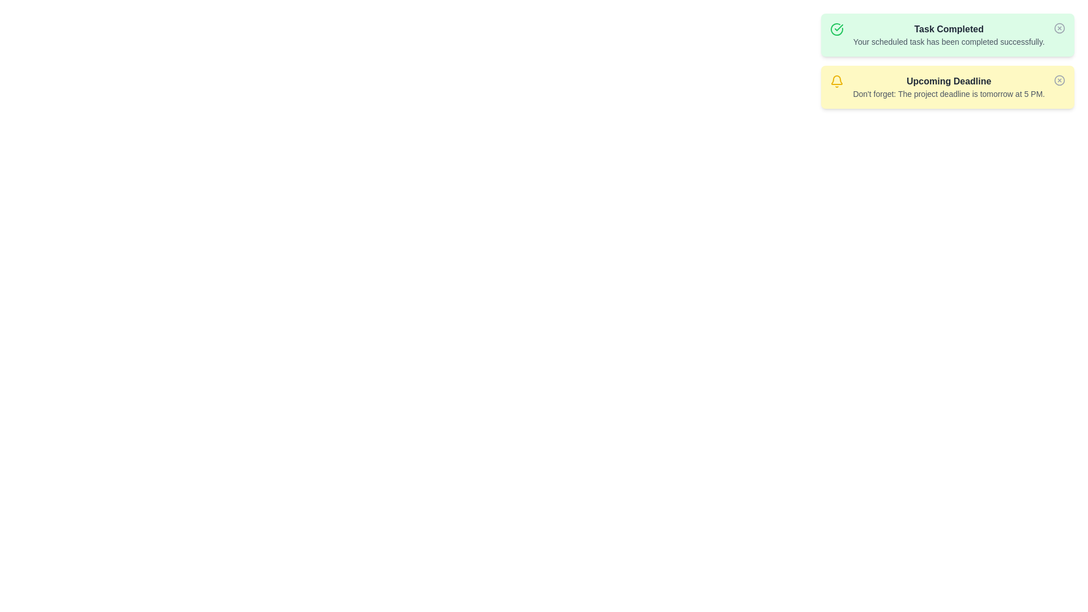  What do you see at coordinates (947, 34) in the screenshot?
I see `the alert element to reveal details` at bounding box center [947, 34].